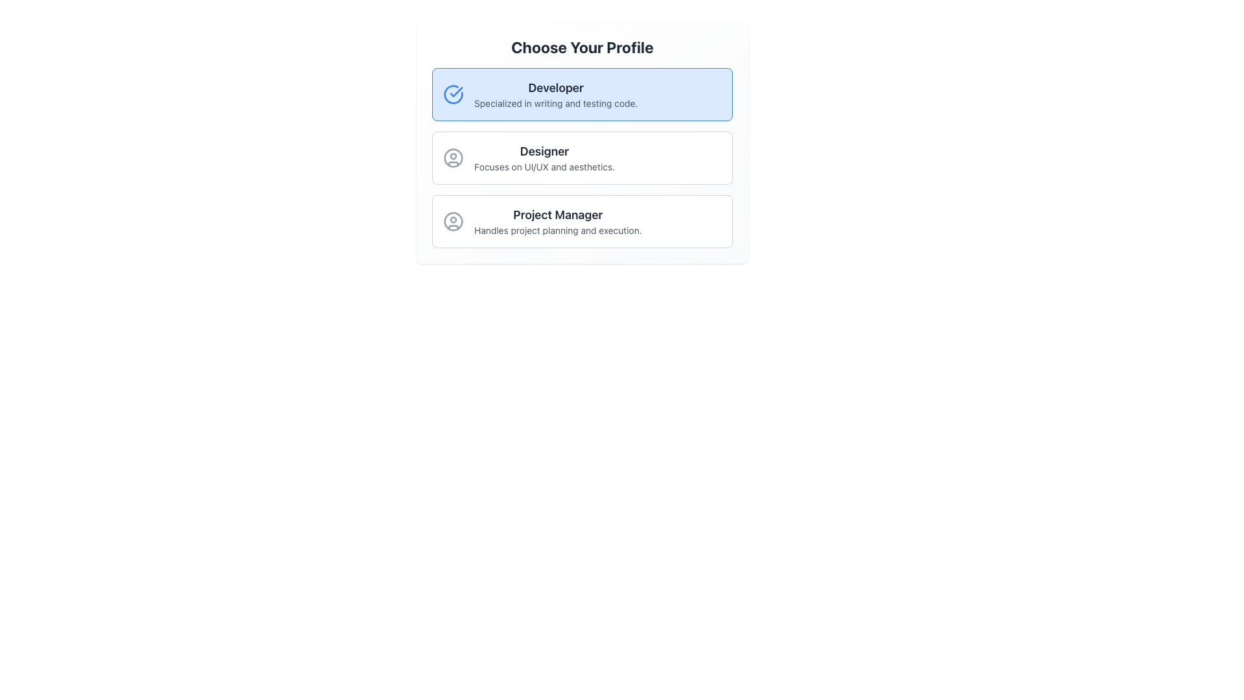 The image size is (1244, 700). I want to click on the text block labeled 'Developer' which is located at the top center of the first selectable card in a vertical list of profile options, so click(556, 94).